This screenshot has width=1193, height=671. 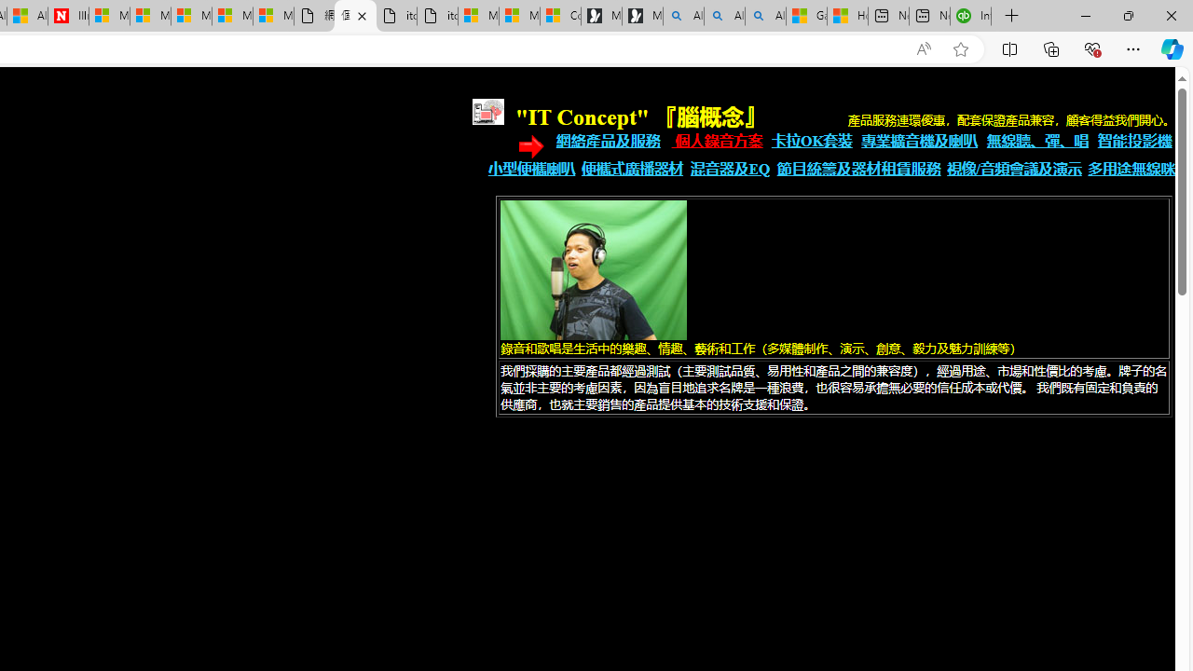 I want to click on 'Consumer Health Data Privacy Policy', so click(x=559, y=16).